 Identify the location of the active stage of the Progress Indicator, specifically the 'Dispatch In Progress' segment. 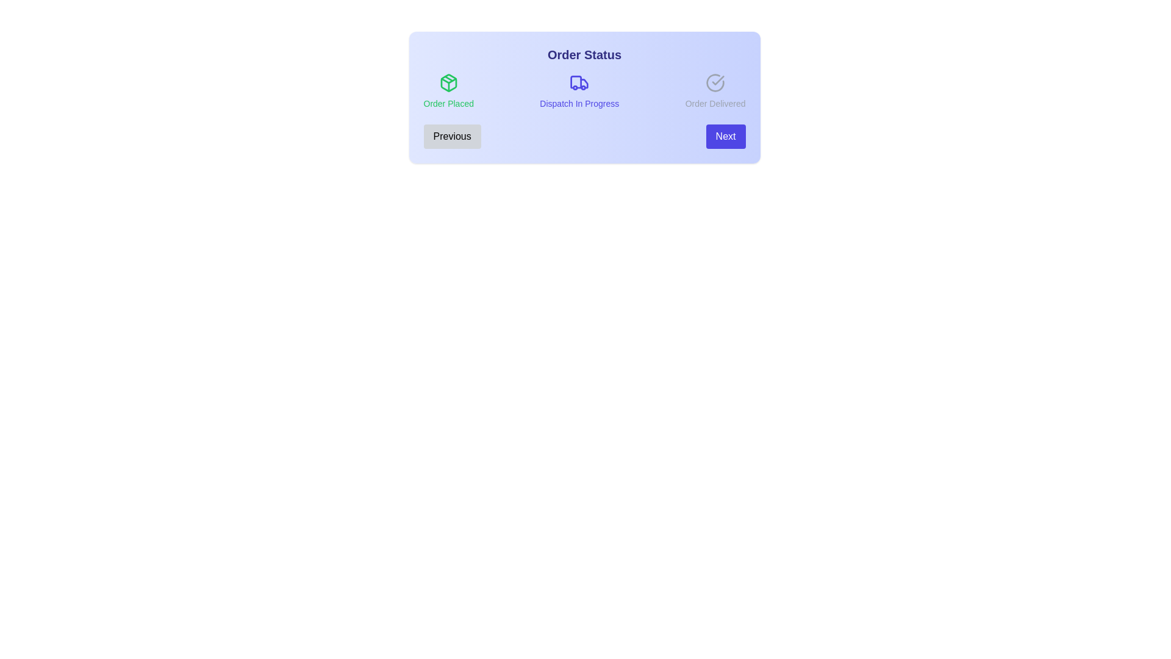
(584, 91).